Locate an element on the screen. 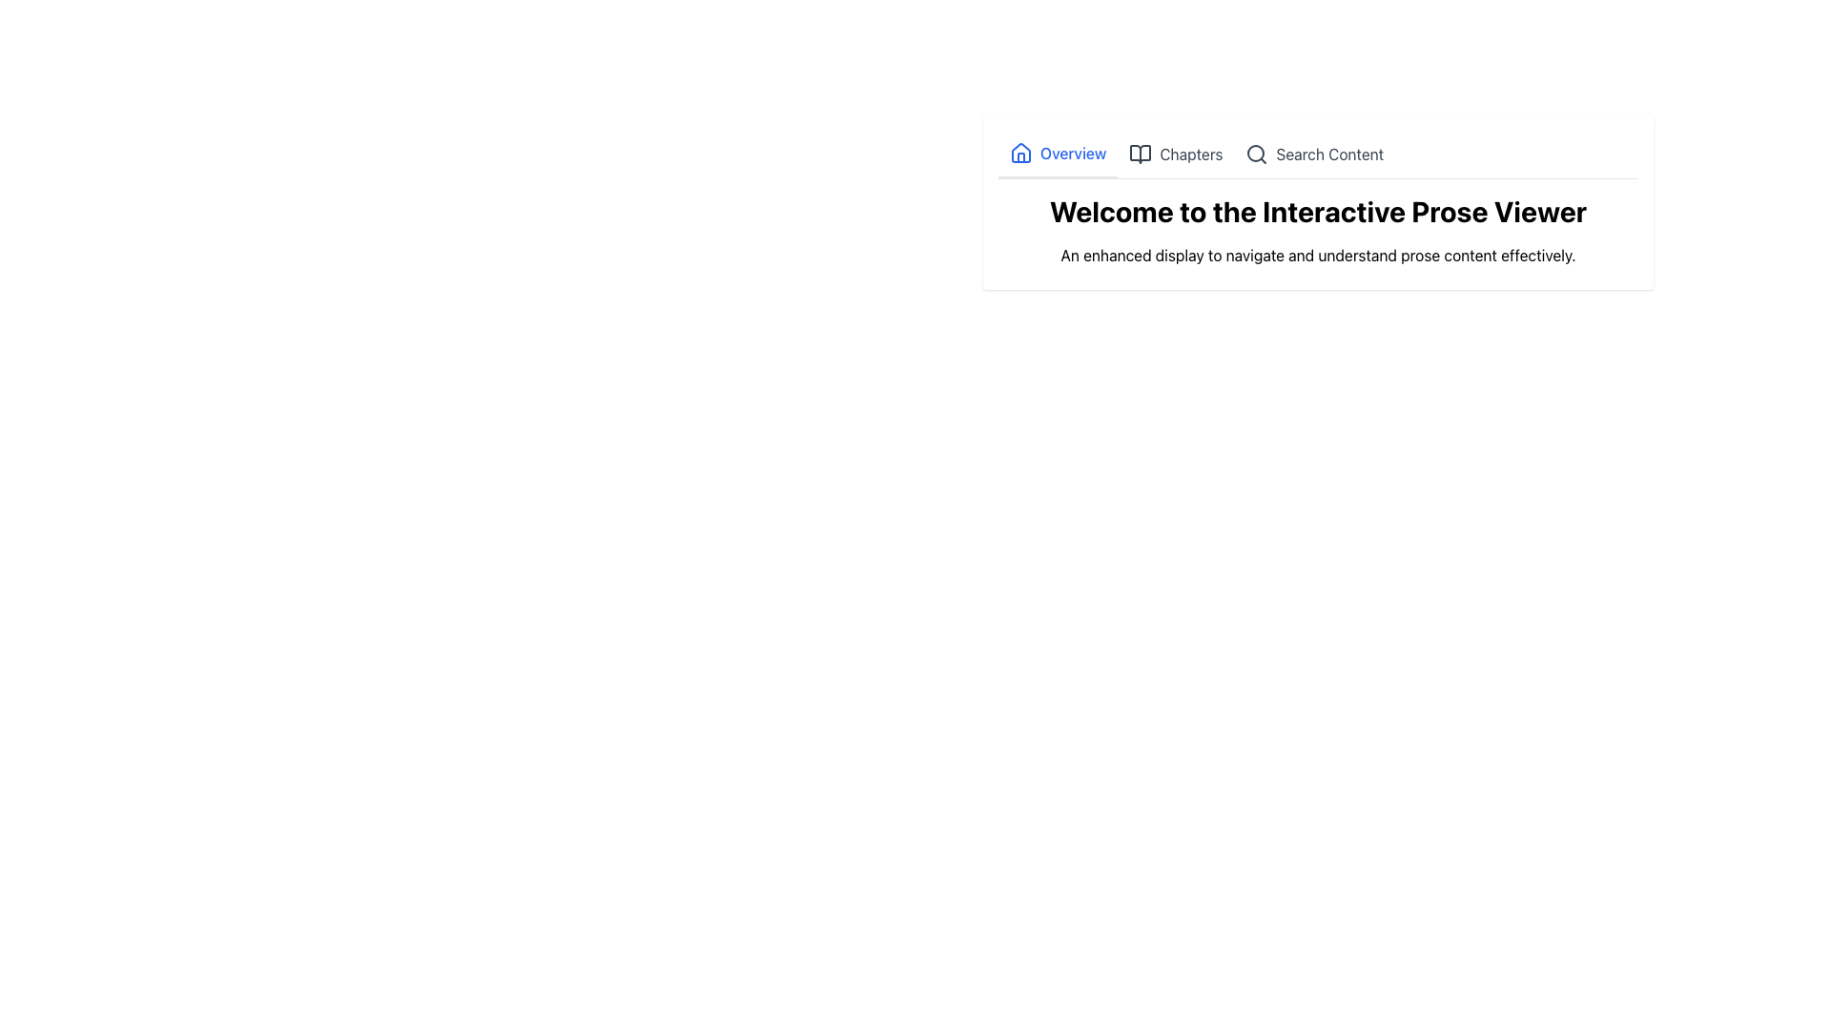 The width and height of the screenshot is (1831, 1030). the 'Search Content' text label, which is displayed in medium-sized font and neutral gray color, located in the top right section of the navigation bar, following a magnifying glass icon is located at coordinates (1328, 154).